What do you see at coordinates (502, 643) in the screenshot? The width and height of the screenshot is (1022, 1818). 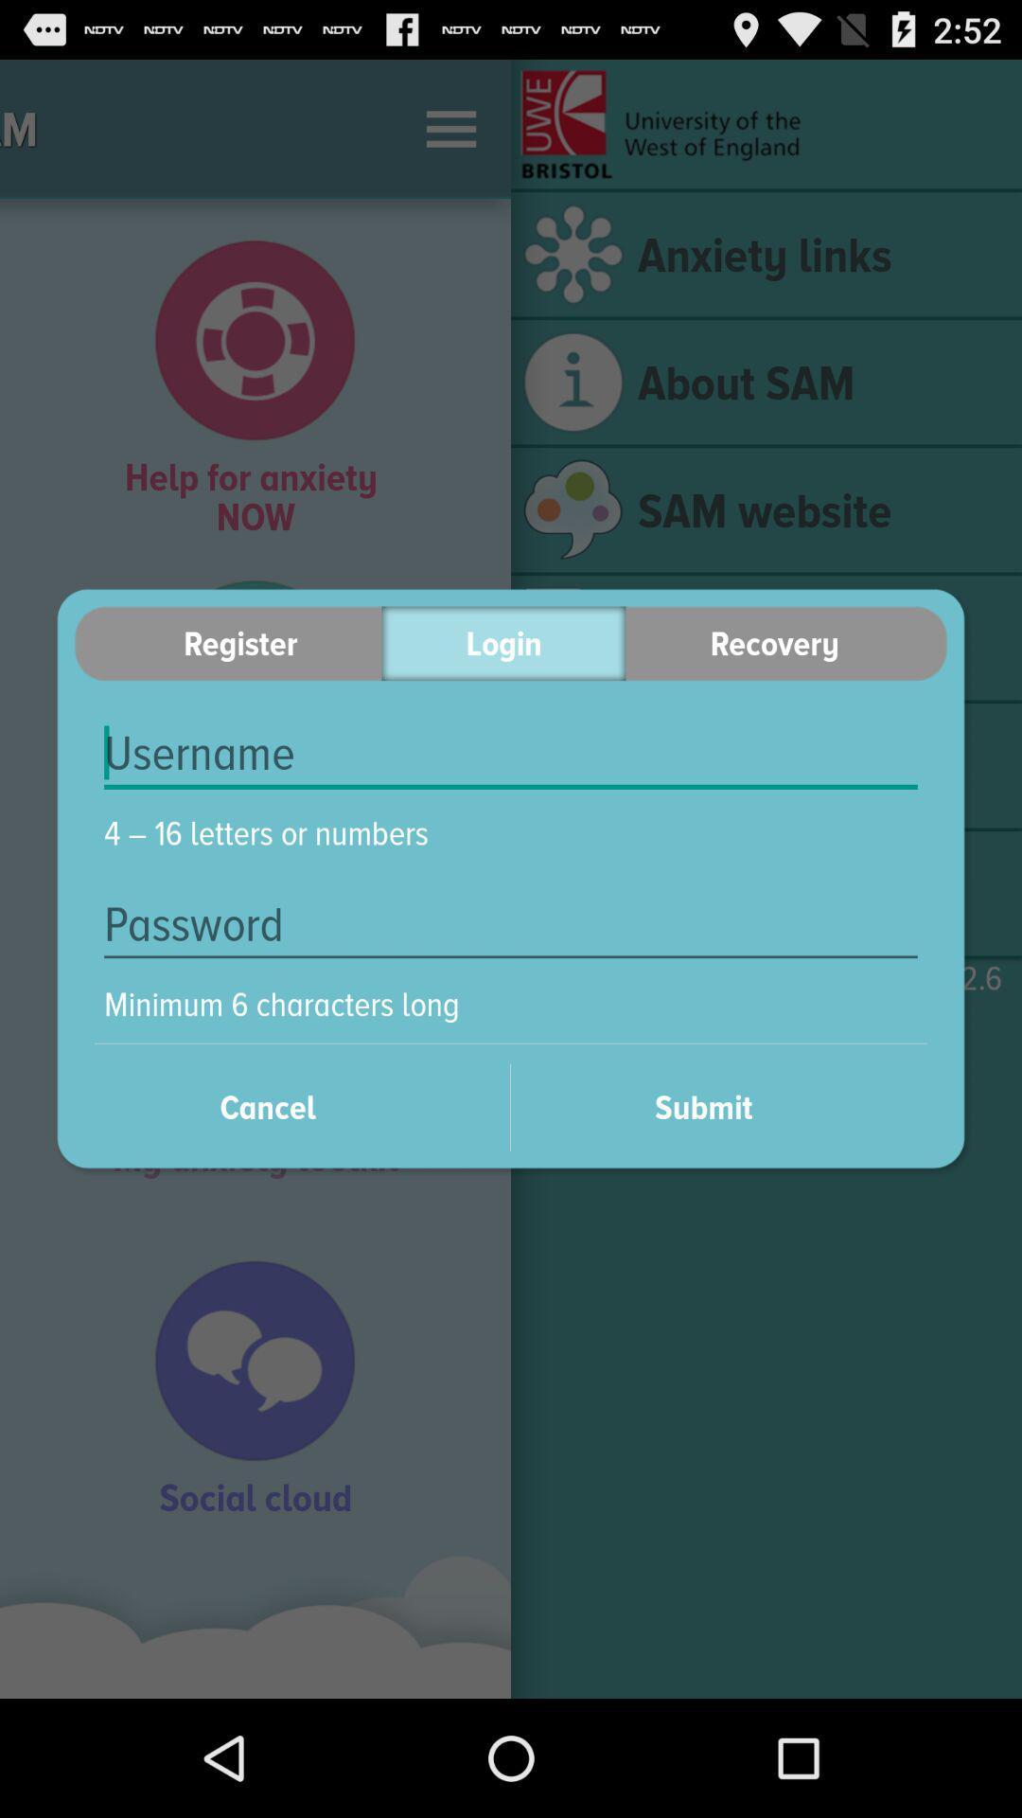 I see `the icon to the left of the recovery item` at bounding box center [502, 643].